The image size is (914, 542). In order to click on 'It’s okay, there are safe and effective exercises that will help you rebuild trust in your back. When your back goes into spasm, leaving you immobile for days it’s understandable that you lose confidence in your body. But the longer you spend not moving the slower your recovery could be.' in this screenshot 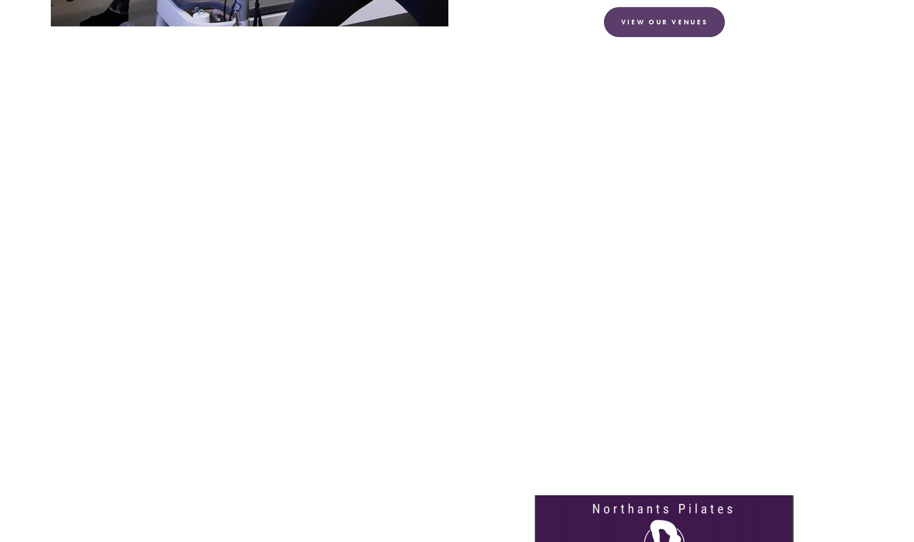, I will do `click(446, 241)`.